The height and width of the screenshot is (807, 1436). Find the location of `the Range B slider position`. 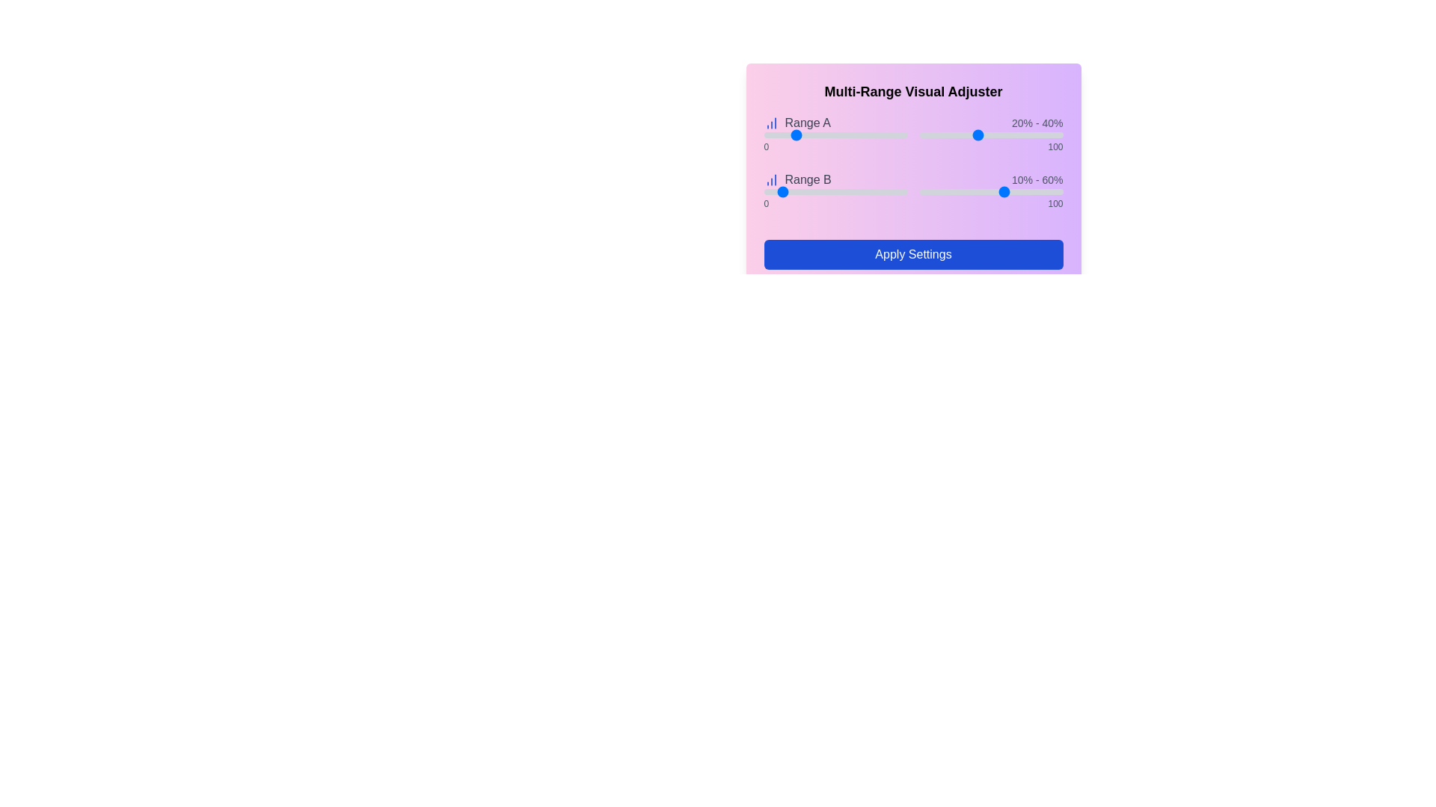

the Range B slider position is located at coordinates (768, 191).